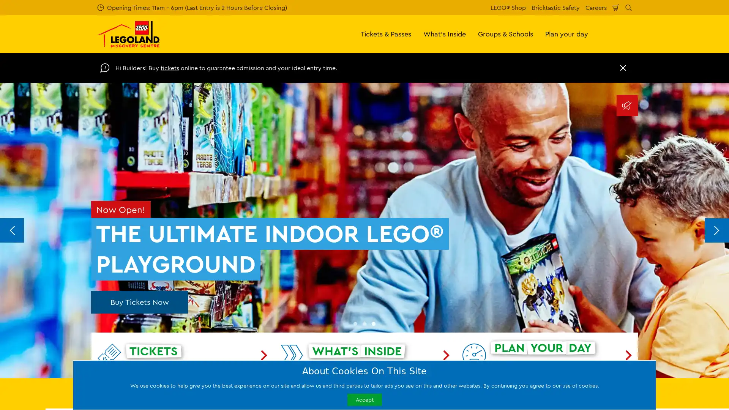 The image size is (729, 410). Describe the element at coordinates (628, 7) in the screenshot. I see `Search` at that location.